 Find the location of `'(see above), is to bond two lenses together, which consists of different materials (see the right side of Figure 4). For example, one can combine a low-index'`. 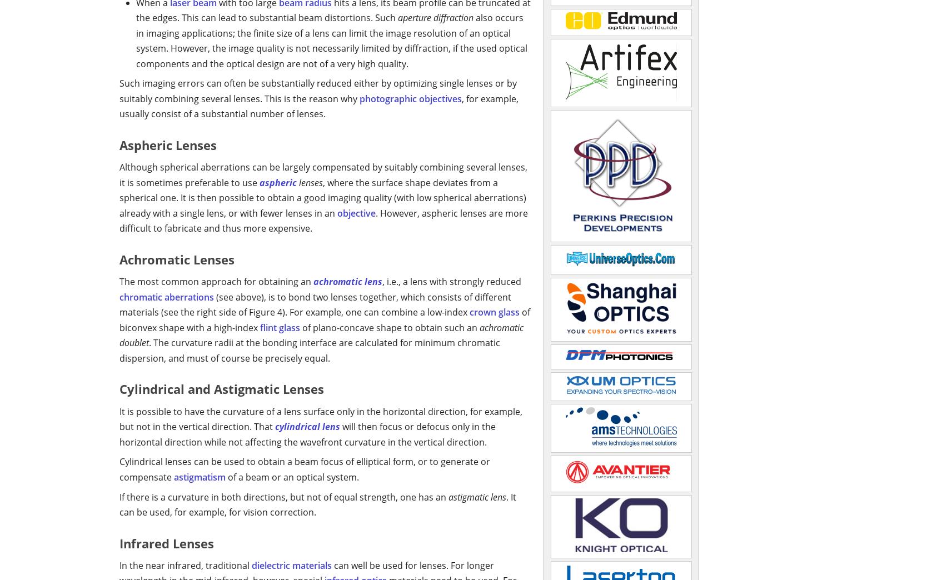

'(see above), is to bond two lenses together, which consists of different materials (see the right side of Figure 4). For example, one can combine a low-index' is located at coordinates (118, 303).